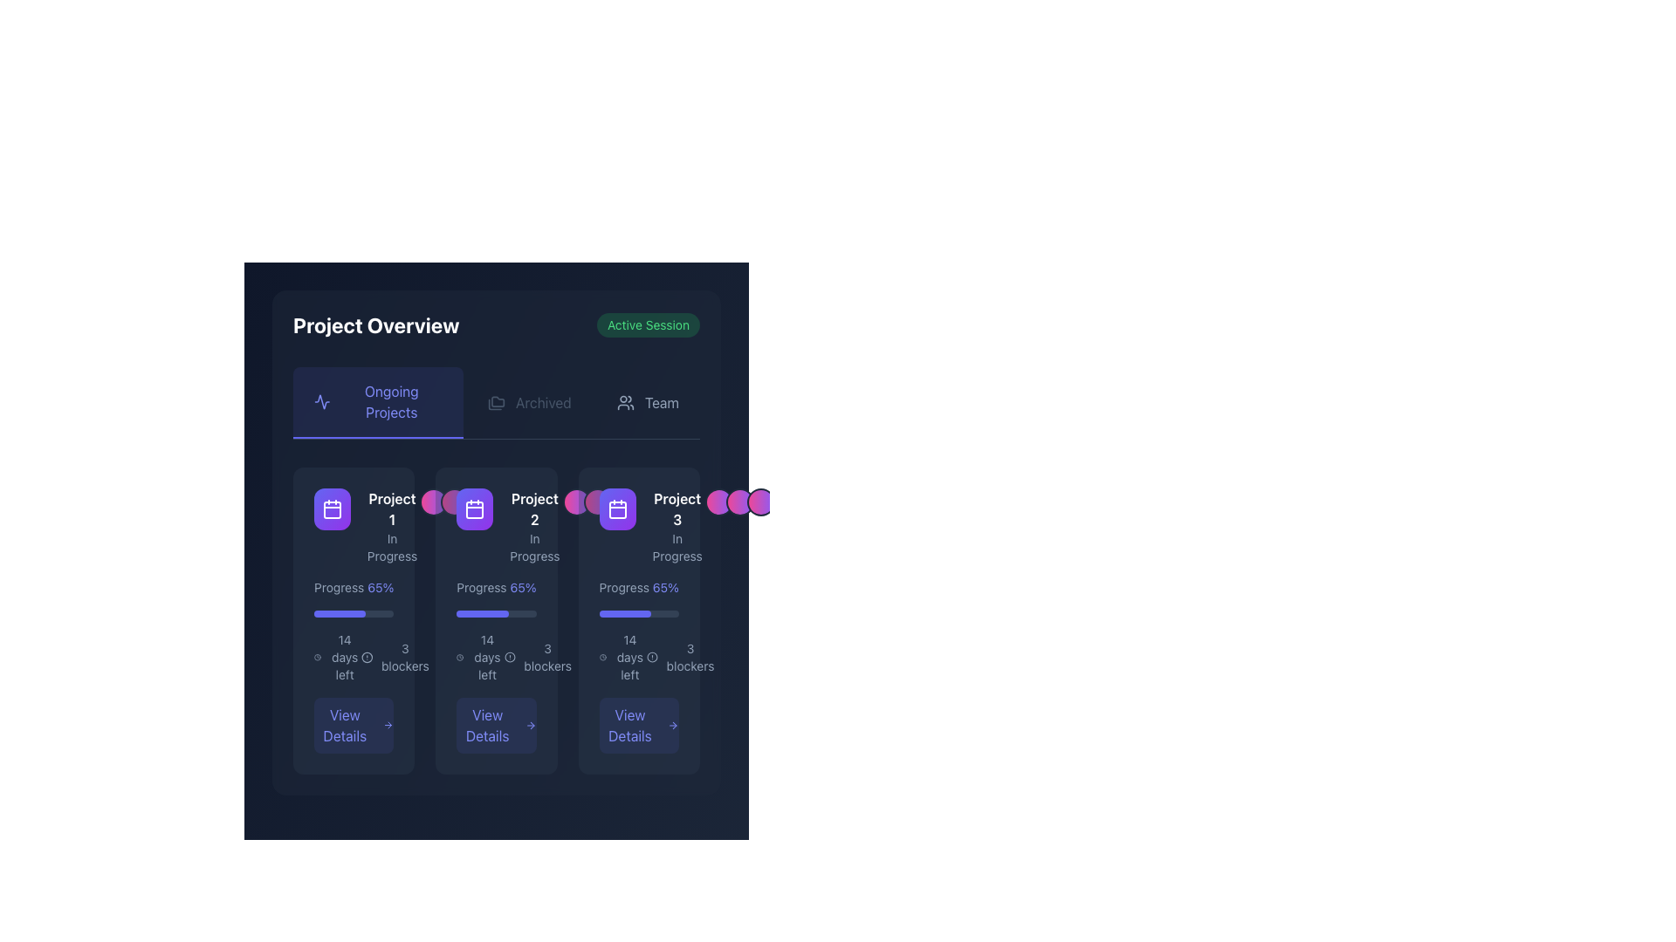  Describe the element at coordinates (690, 657) in the screenshot. I see `the static text display that shows '3 blockers' in light gray font, located at the bottom-right corner of the third project card beneath the progress bar` at that location.